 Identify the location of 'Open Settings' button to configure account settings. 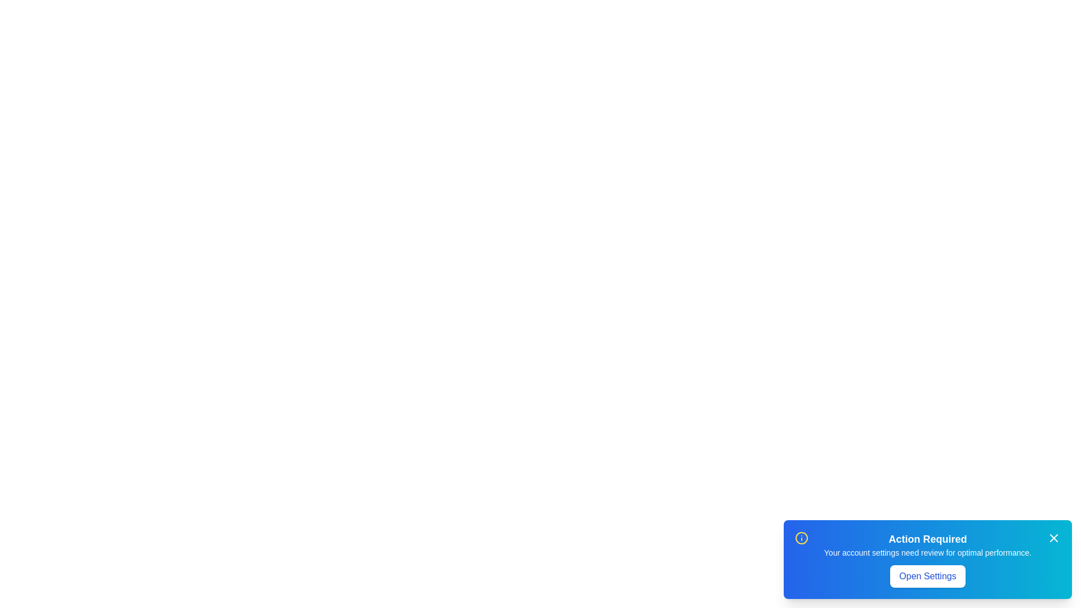
(927, 576).